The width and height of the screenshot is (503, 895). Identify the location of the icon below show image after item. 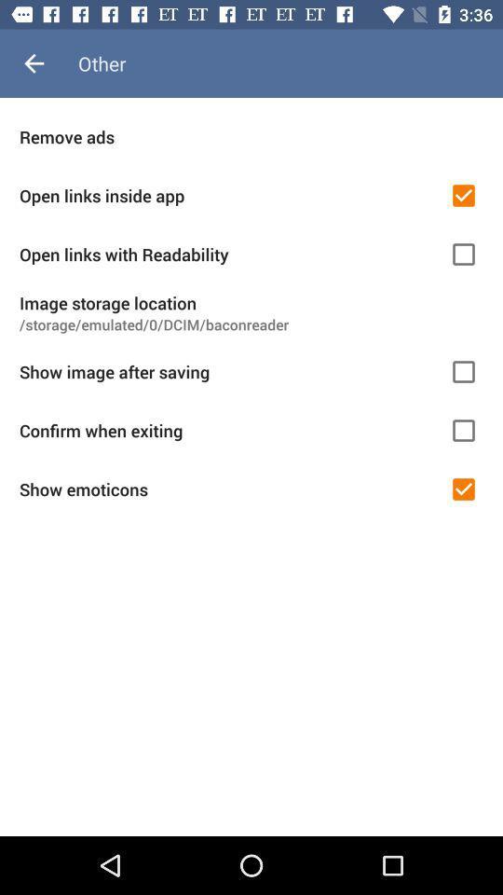
(228, 431).